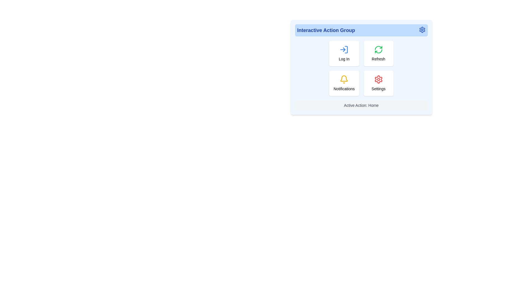 The image size is (531, 298). I want to click on the vibrant yellow bell-shaped icon labeled 'Notifications' located in the bottom row, left cell of a 2x2 layout within the 'Interactive Action Group' panel, so click(344, 79).